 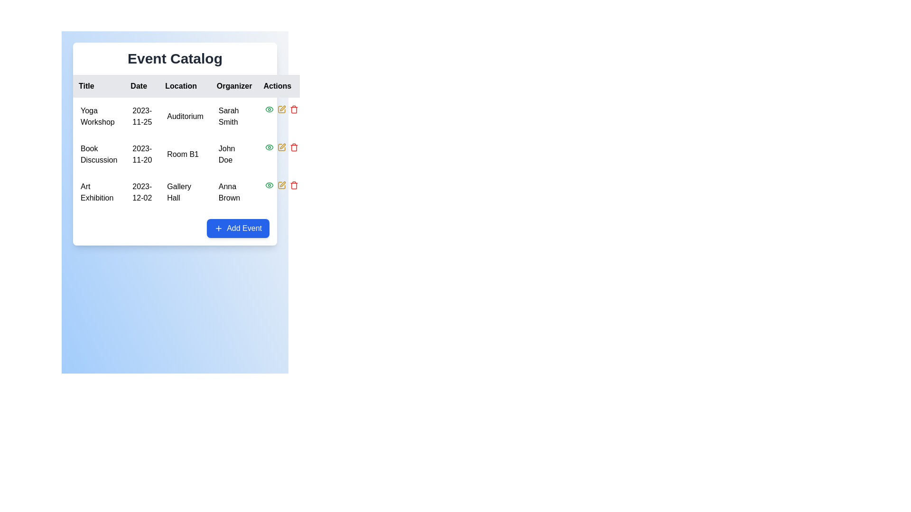 What do you see at coordinates (269, 147) in the screenshot?
I see `the green eye-shaped icon in the 'Actions' section of the 'Art Exhibition' row` at bounding box center [269, 147].